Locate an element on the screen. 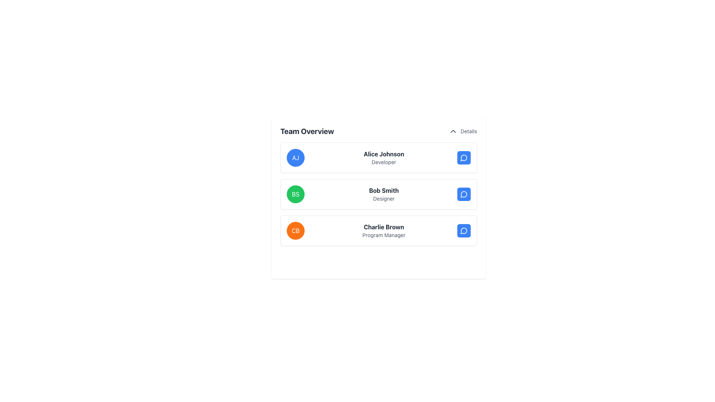  the speech bubble icon located inside the blue button in the last column of the third row beside the 'Charlie Brown' team member's details to initiate chat is located at coordinates (464, 230).